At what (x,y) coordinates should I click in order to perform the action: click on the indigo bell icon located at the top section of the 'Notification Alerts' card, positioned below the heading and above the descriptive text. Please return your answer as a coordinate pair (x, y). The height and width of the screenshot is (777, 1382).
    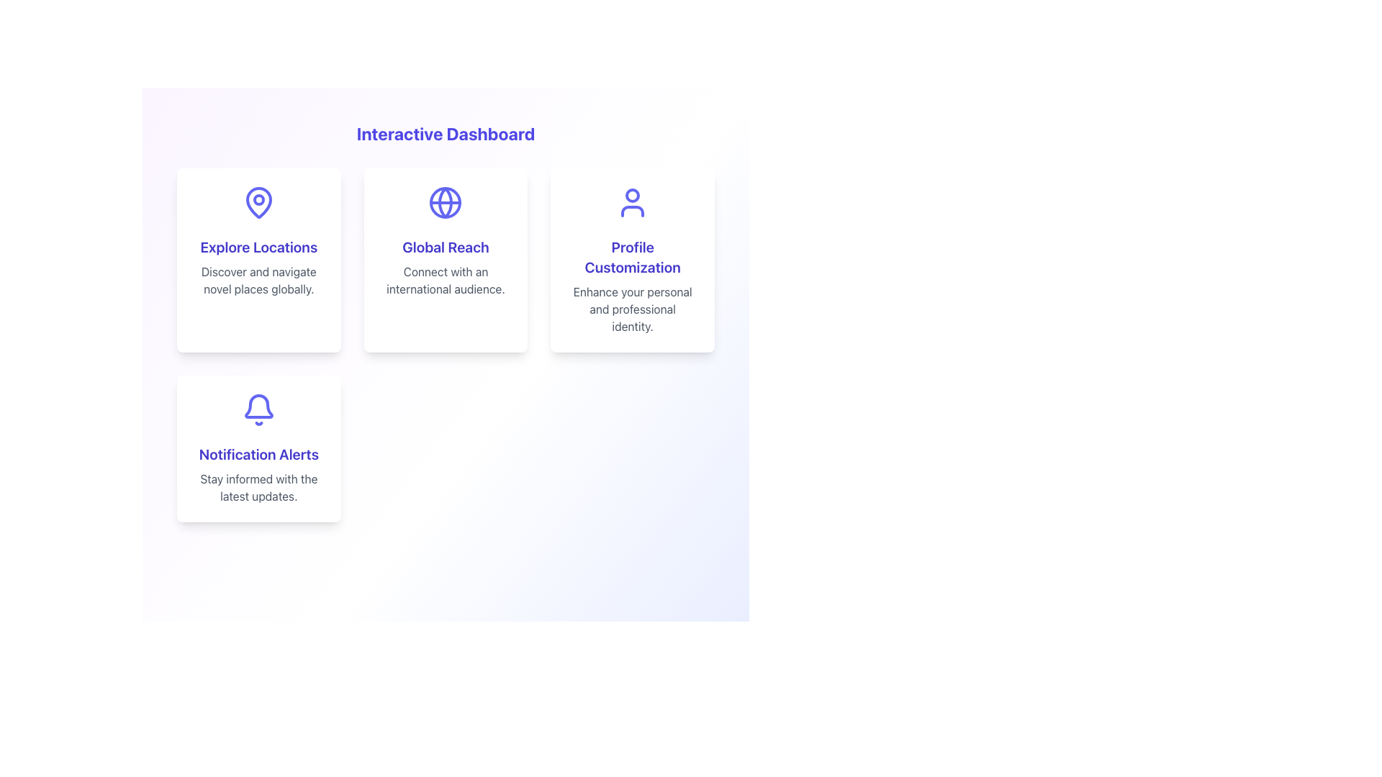
    Looking at the image, I should click on (258, 410).